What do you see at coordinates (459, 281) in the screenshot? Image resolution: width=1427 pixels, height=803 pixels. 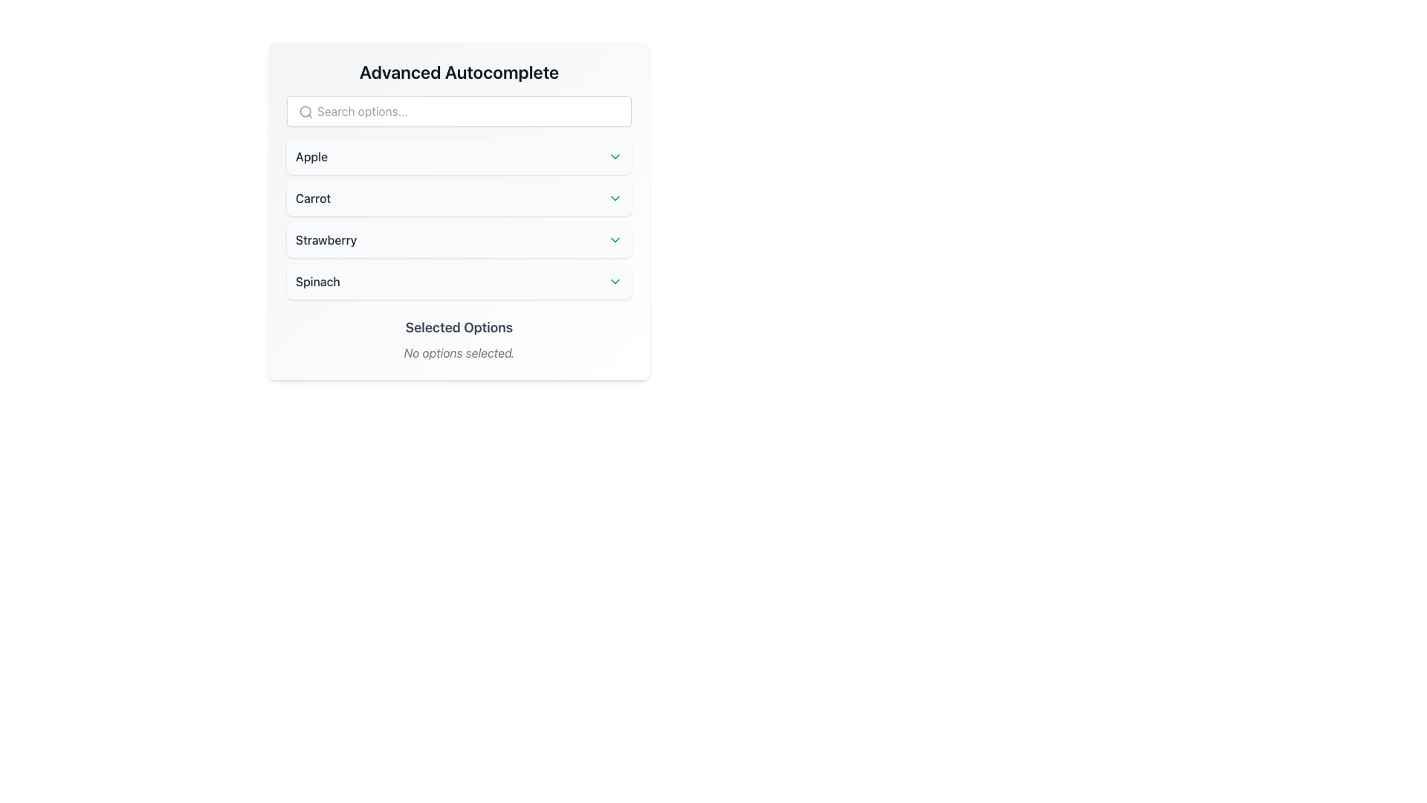 I see `the fourth interactive list item labeled 'Spinach'` at bounding box center [459, 281].